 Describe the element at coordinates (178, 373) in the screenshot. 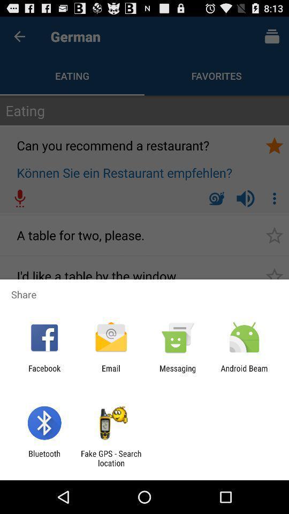

I see `icon to the right of the email item` at that location.